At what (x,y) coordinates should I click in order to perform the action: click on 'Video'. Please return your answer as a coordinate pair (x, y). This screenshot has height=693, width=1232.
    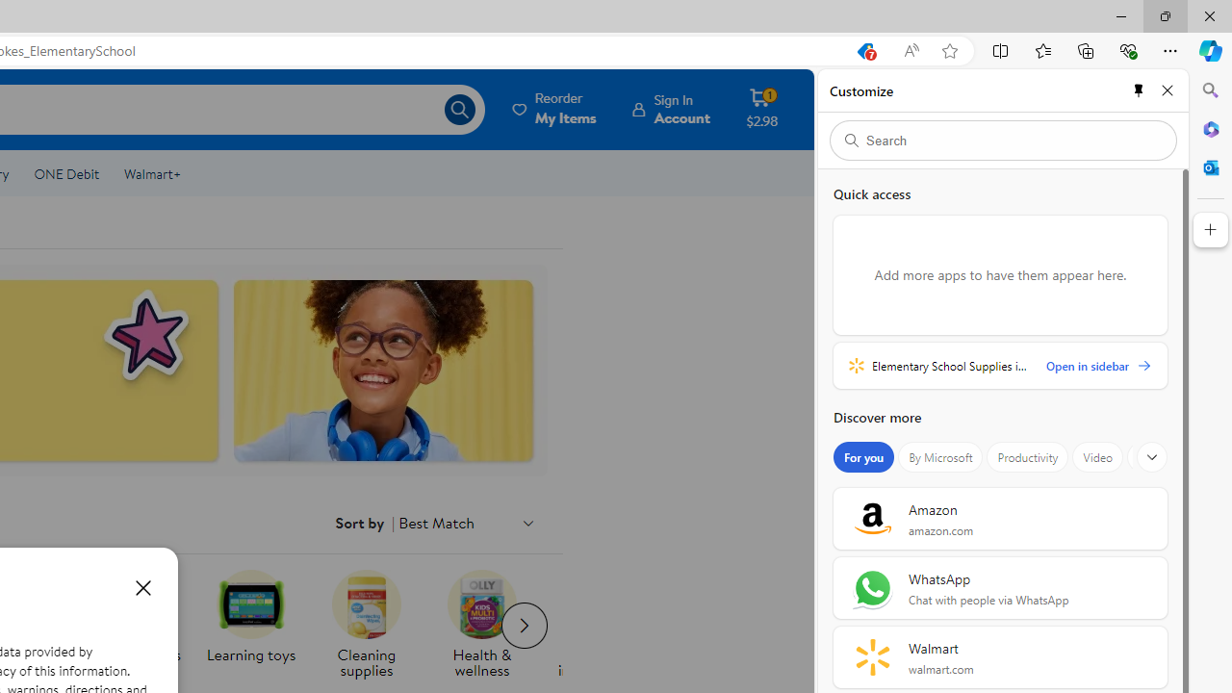
    Looking at the image, I should click on (1097, 457).